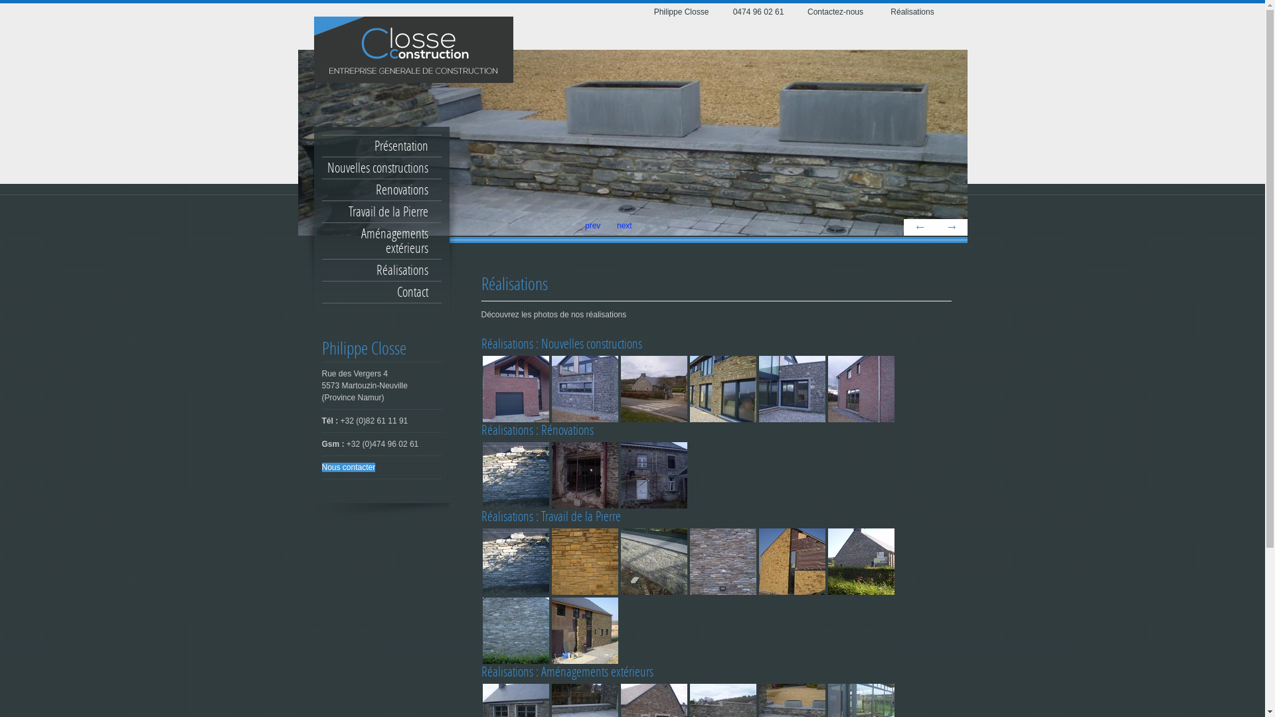 This screenshot has width=1275, height=717. I want to click on 'next', so click(950, 226).